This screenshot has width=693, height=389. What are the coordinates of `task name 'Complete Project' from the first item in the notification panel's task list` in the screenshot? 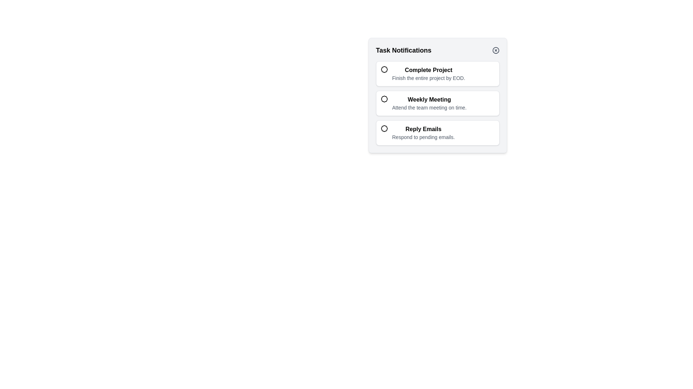 It's located at (428, 73).